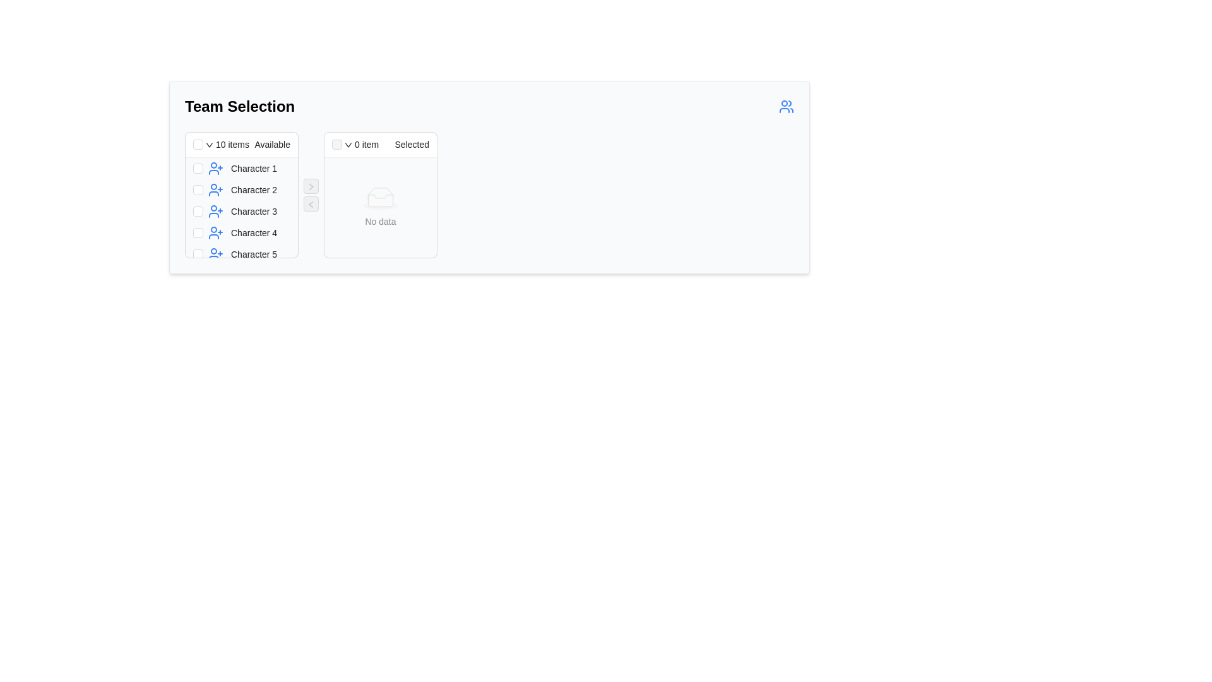  Describe the element at coordinates (311, 203) in the screenshot. I see `the button containing the left arrow icon, which is styled in a primary color and positioned centrally within the panel` at that location.